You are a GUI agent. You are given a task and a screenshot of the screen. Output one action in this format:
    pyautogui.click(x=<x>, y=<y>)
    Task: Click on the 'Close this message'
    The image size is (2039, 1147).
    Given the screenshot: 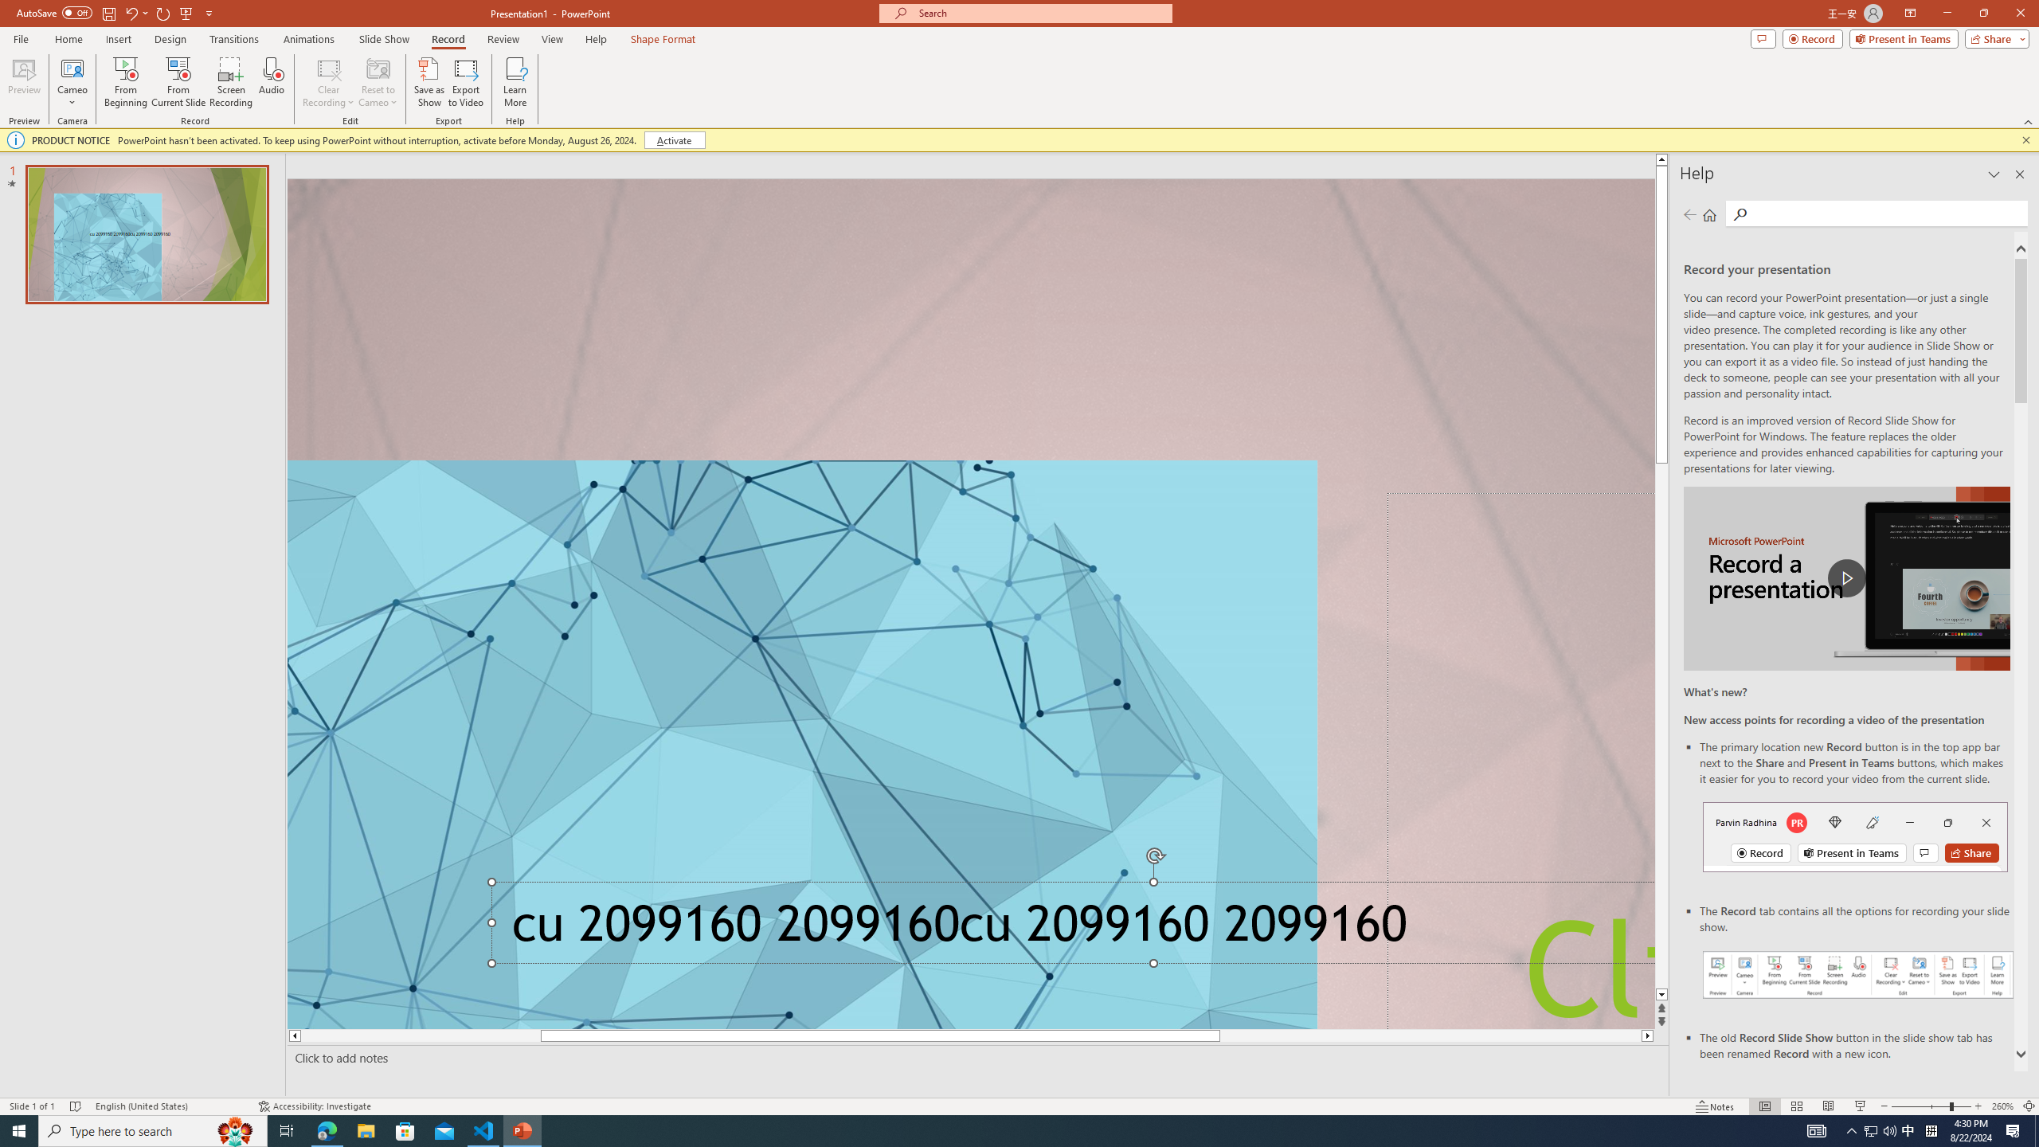 What is the action you would take?
    pyautogui.click(x=2025, y=139)
    